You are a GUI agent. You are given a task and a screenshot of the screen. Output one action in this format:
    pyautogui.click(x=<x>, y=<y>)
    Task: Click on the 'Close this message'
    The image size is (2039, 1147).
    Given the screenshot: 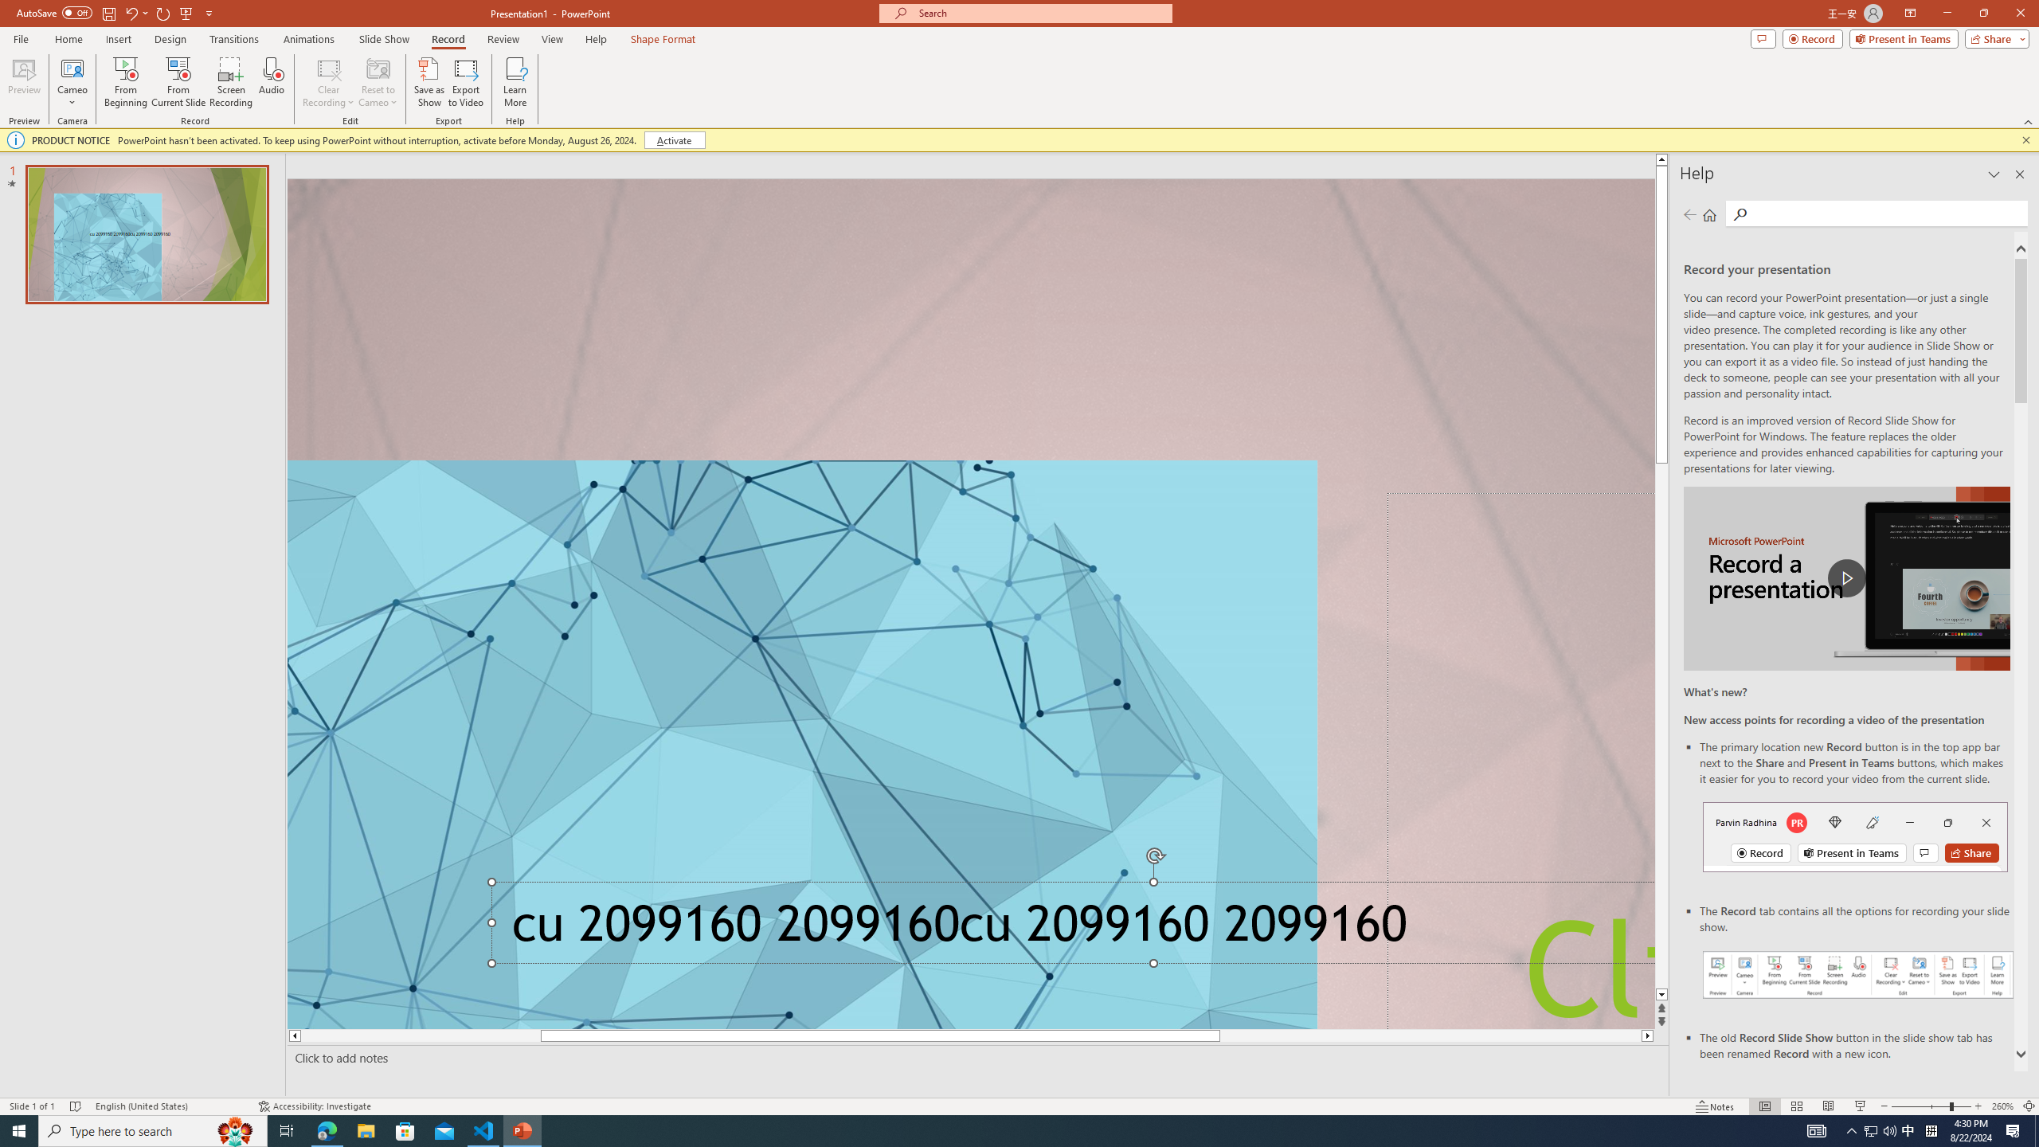 What is the action you would take?
    pyautogui.click(x=2025, y=139)
    